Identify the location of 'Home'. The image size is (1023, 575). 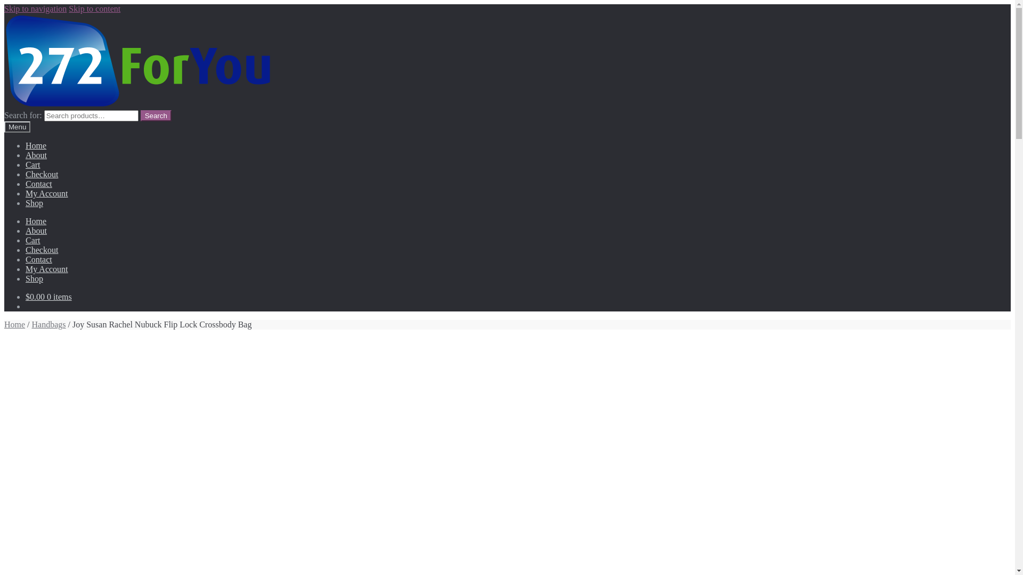
(14, 324).